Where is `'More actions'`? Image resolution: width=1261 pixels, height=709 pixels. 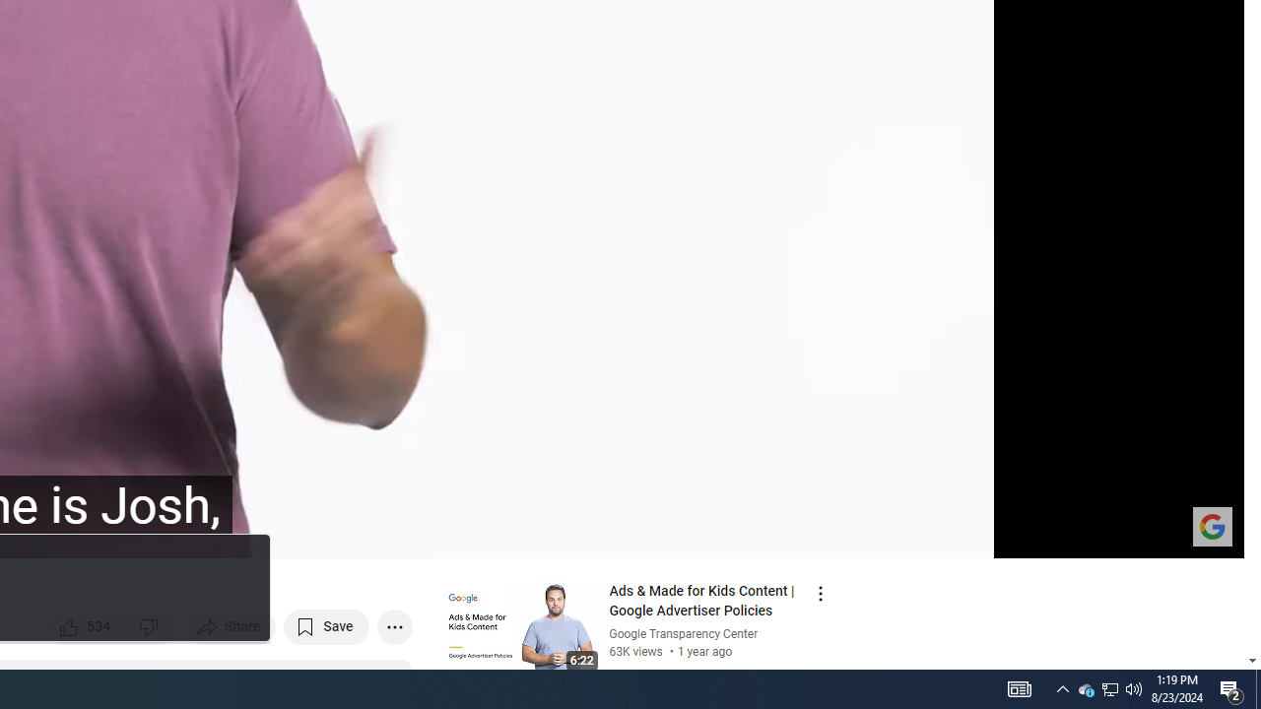
'More actions' is located at coordinates (394, 626).